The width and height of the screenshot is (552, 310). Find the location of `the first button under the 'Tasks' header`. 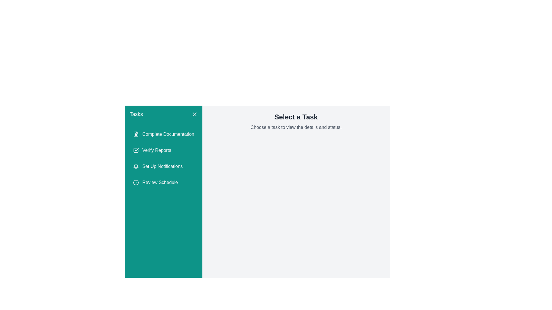

the first button under the 'Tasks' header is located at coordinates (163, 134).